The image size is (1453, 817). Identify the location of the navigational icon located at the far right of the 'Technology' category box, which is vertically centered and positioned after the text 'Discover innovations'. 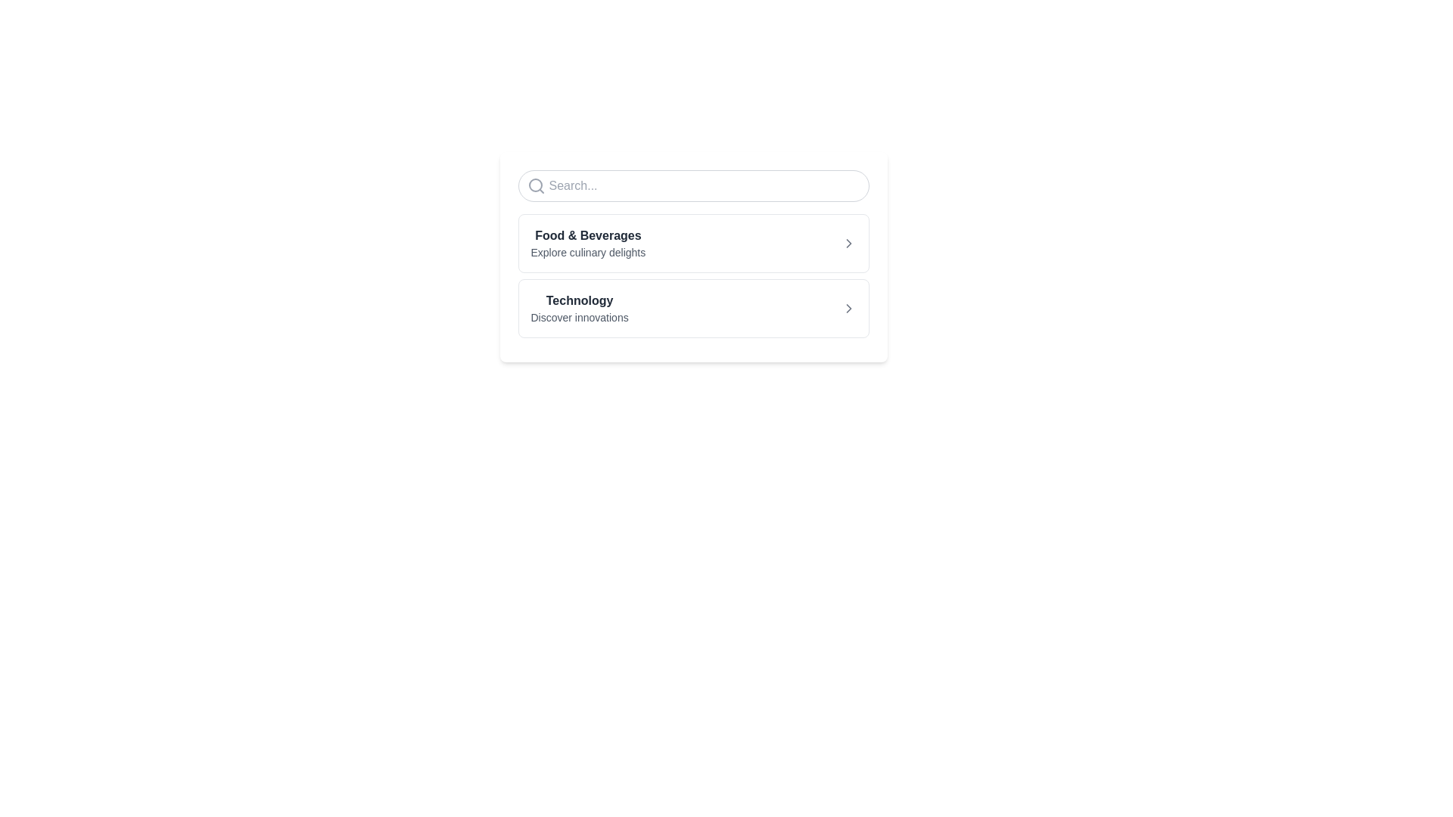
(848, 308).